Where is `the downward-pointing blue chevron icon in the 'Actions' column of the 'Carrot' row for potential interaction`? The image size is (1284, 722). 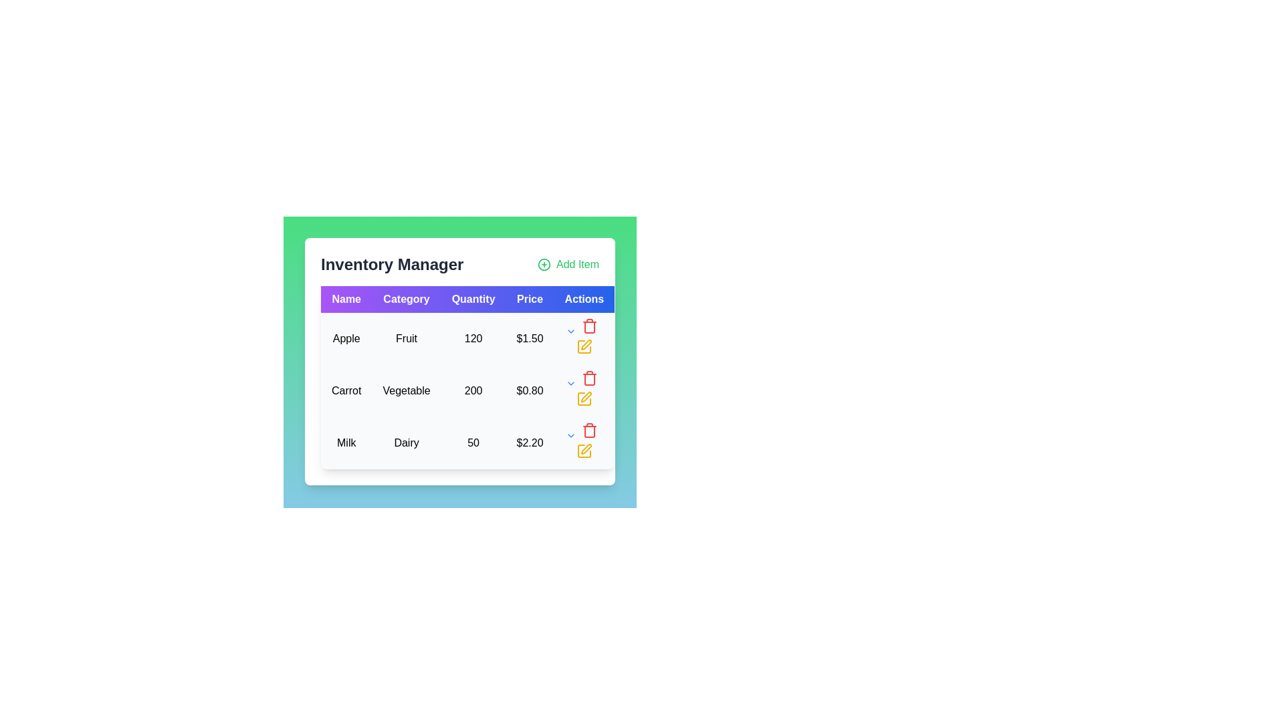 the downward-pointing blue chevron icon in the 'Actions' column of the 'Carrot' row for potential interaction is located at coordinates (570, 330).